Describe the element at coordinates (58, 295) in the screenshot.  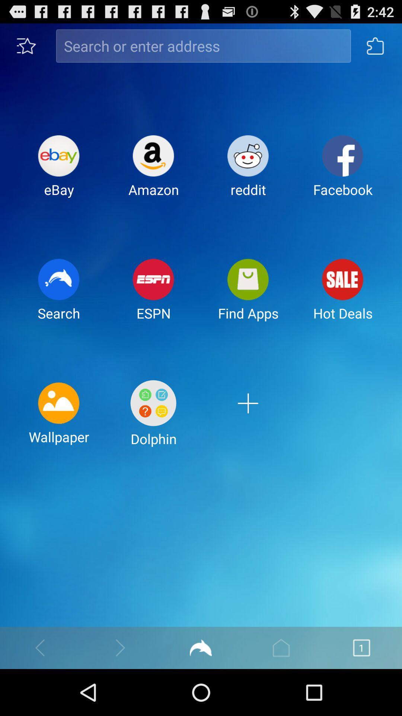
I see `the icon next to espn` at that location.